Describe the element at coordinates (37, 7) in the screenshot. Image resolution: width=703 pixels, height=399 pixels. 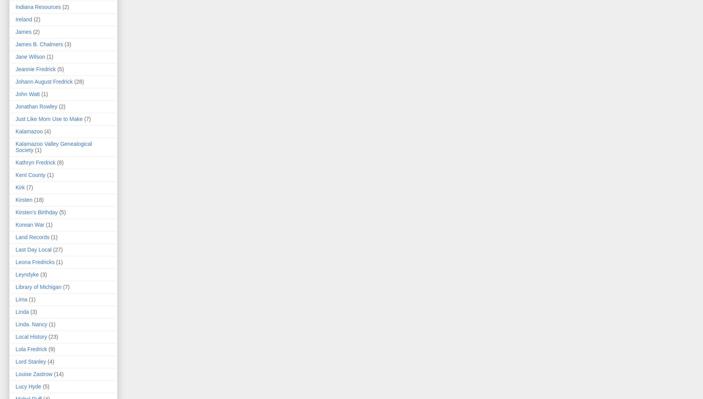
I see `'Indiana Resources'` at that location.